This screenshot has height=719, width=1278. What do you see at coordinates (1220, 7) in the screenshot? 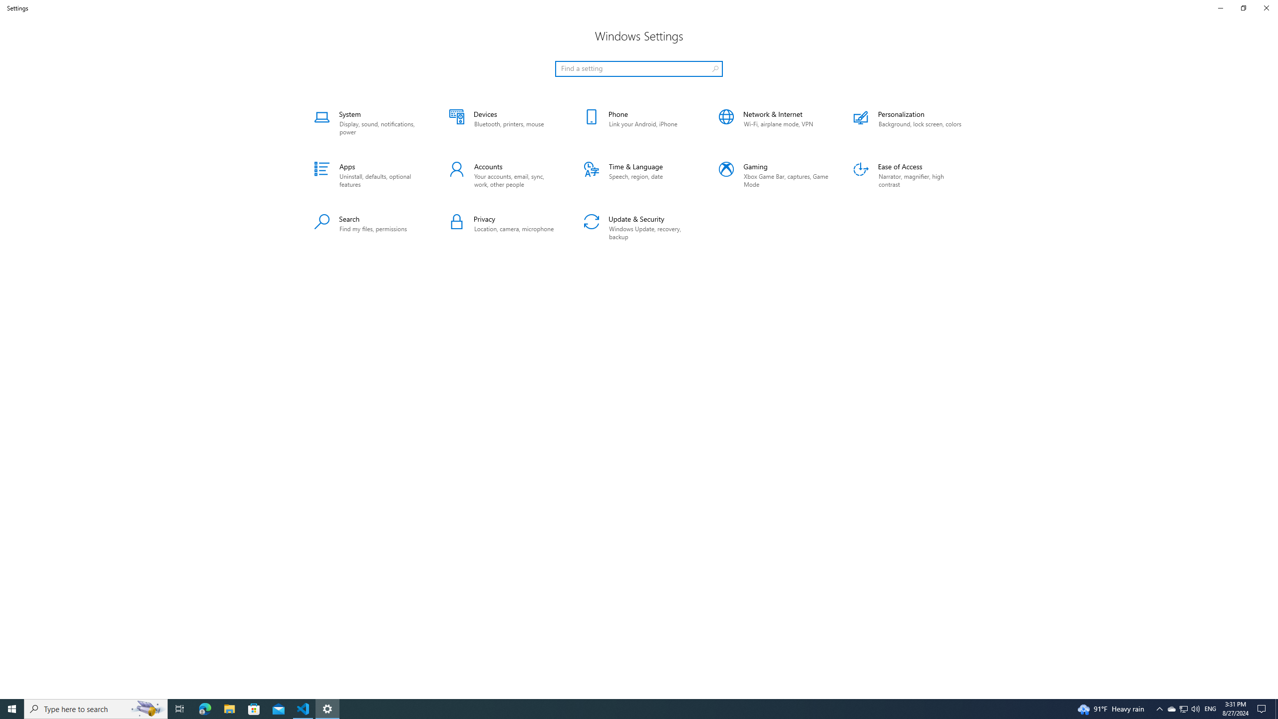
I see `'Minimize Settings'` at bounding box center [1220, 7].